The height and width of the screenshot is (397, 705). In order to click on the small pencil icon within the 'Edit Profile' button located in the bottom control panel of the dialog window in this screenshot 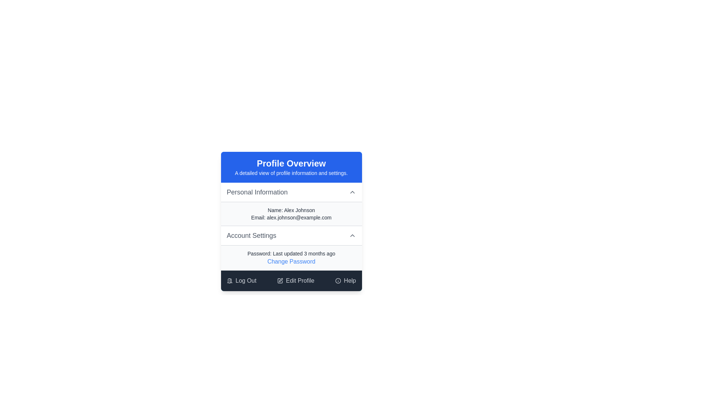, I will do `click(280, 280)`.